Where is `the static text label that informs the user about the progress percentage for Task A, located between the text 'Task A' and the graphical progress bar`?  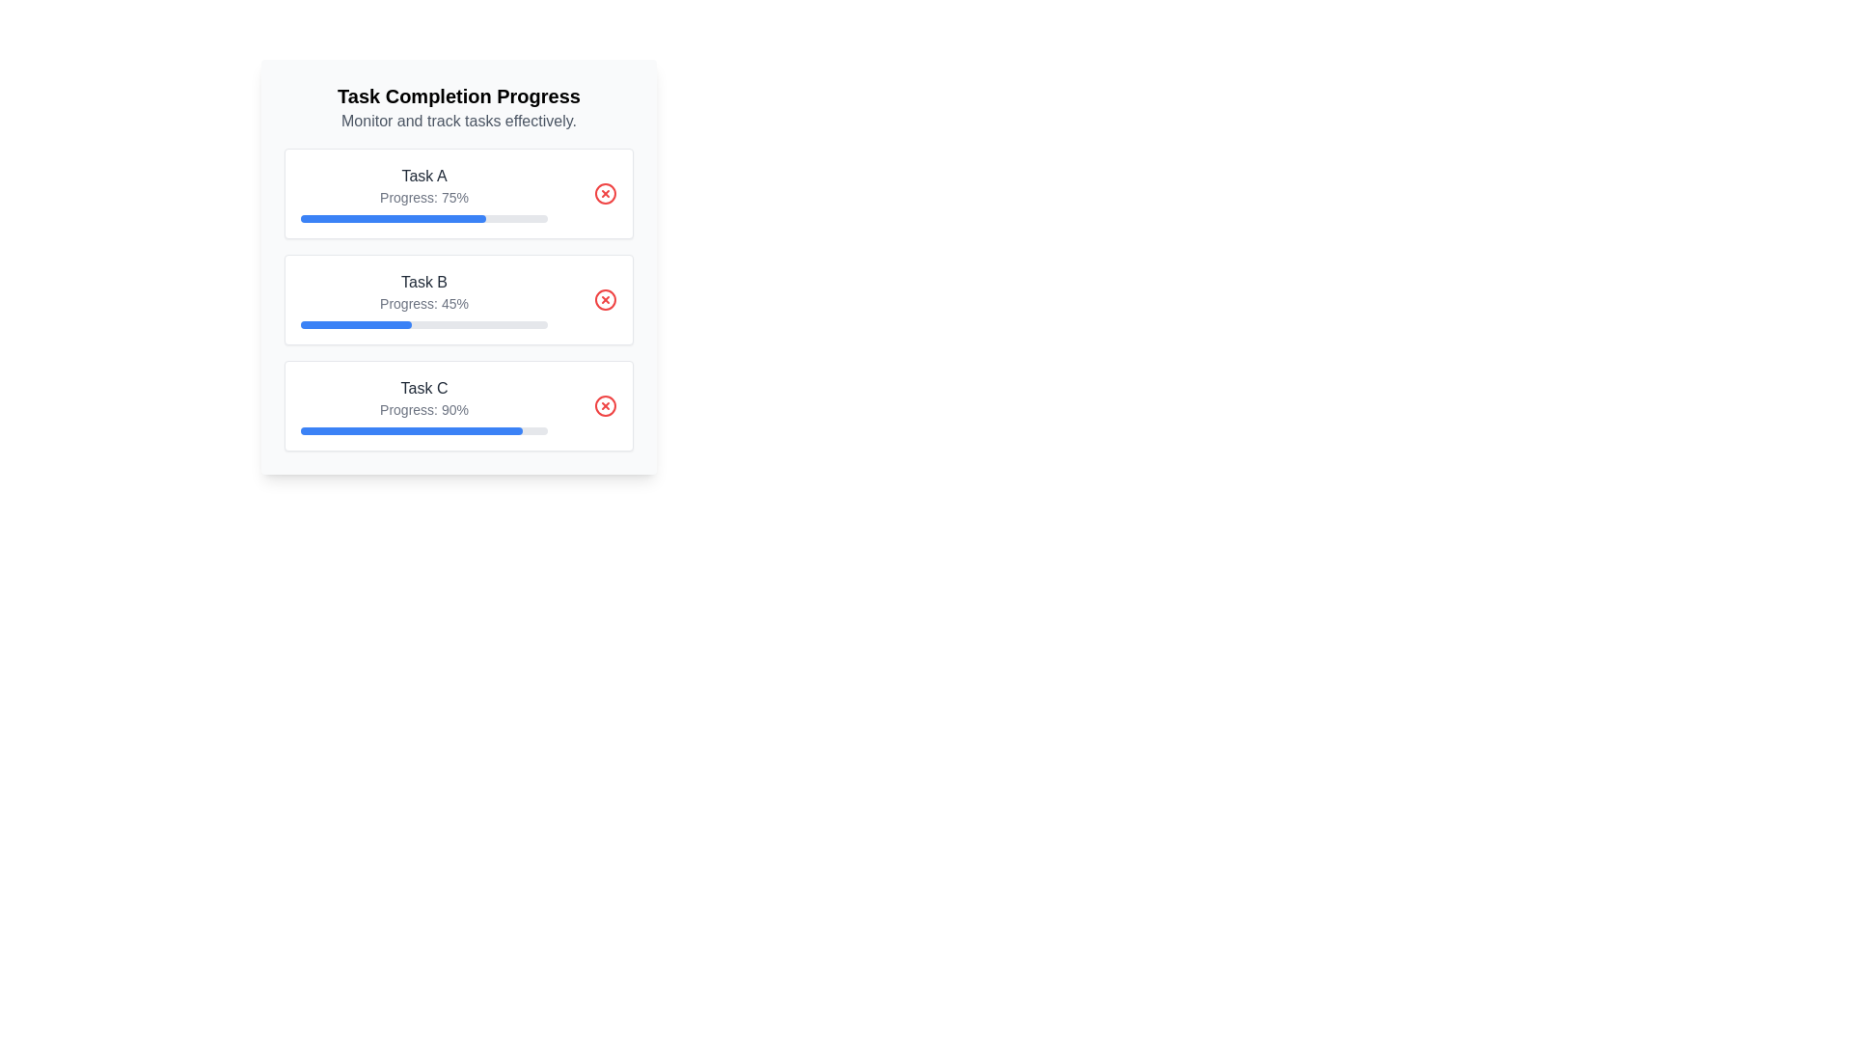 the static text label that informs the user about the progress percentage for Task A, located between the text 'Task A' and the graphical progress bar is located at coordinates (423, 197).